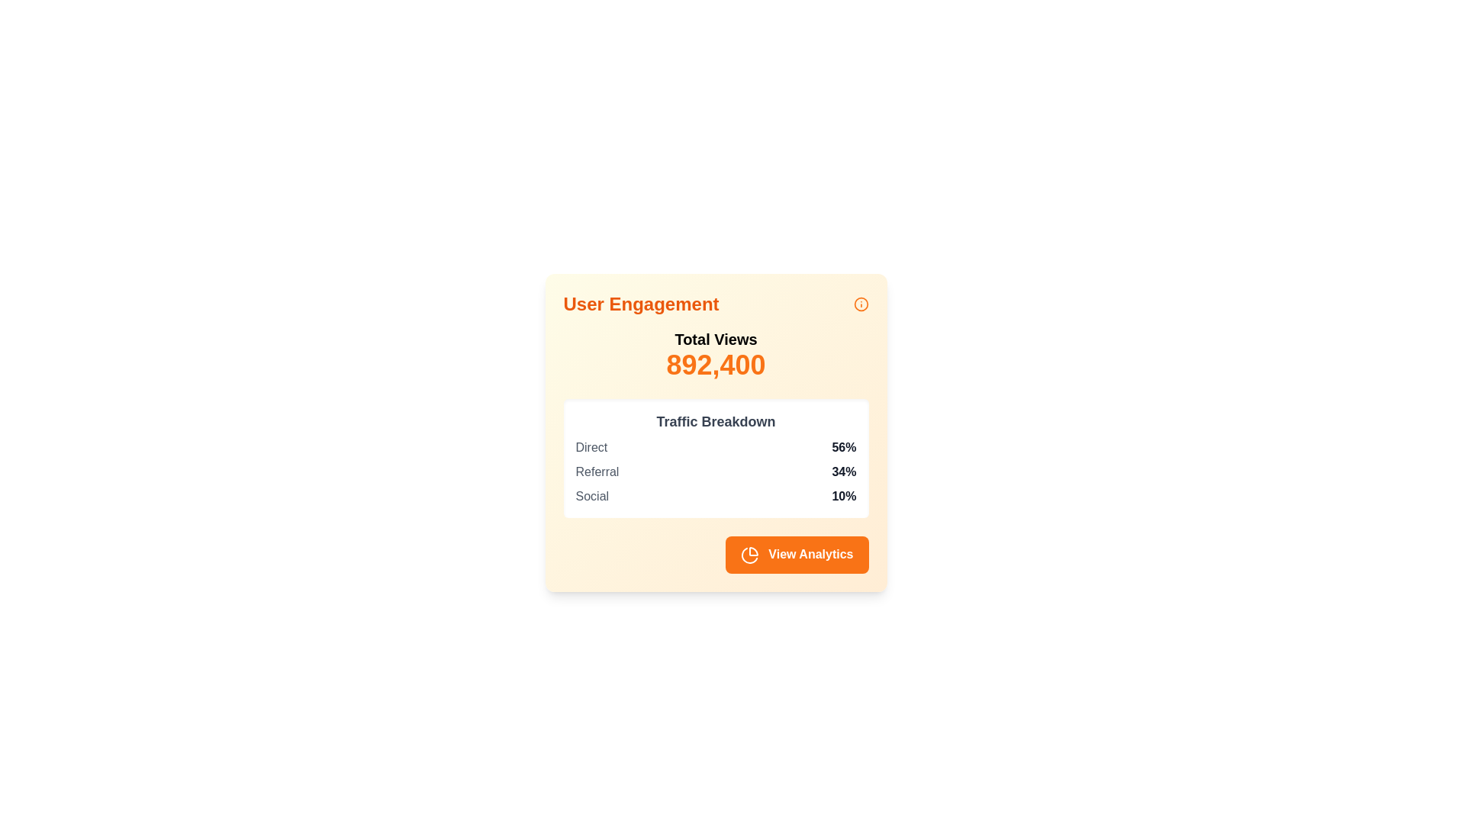 The width and height of the screenshot is (1465, 824). I want to click on the 'View Analytics' button located at the bottom right corner of the engagement card, beneath the 'Traffic Breakdown' section, so click(715, 555).